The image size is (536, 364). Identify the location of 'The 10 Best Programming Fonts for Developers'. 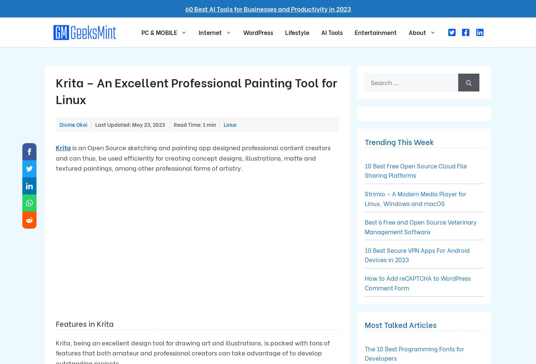
(414, 352).